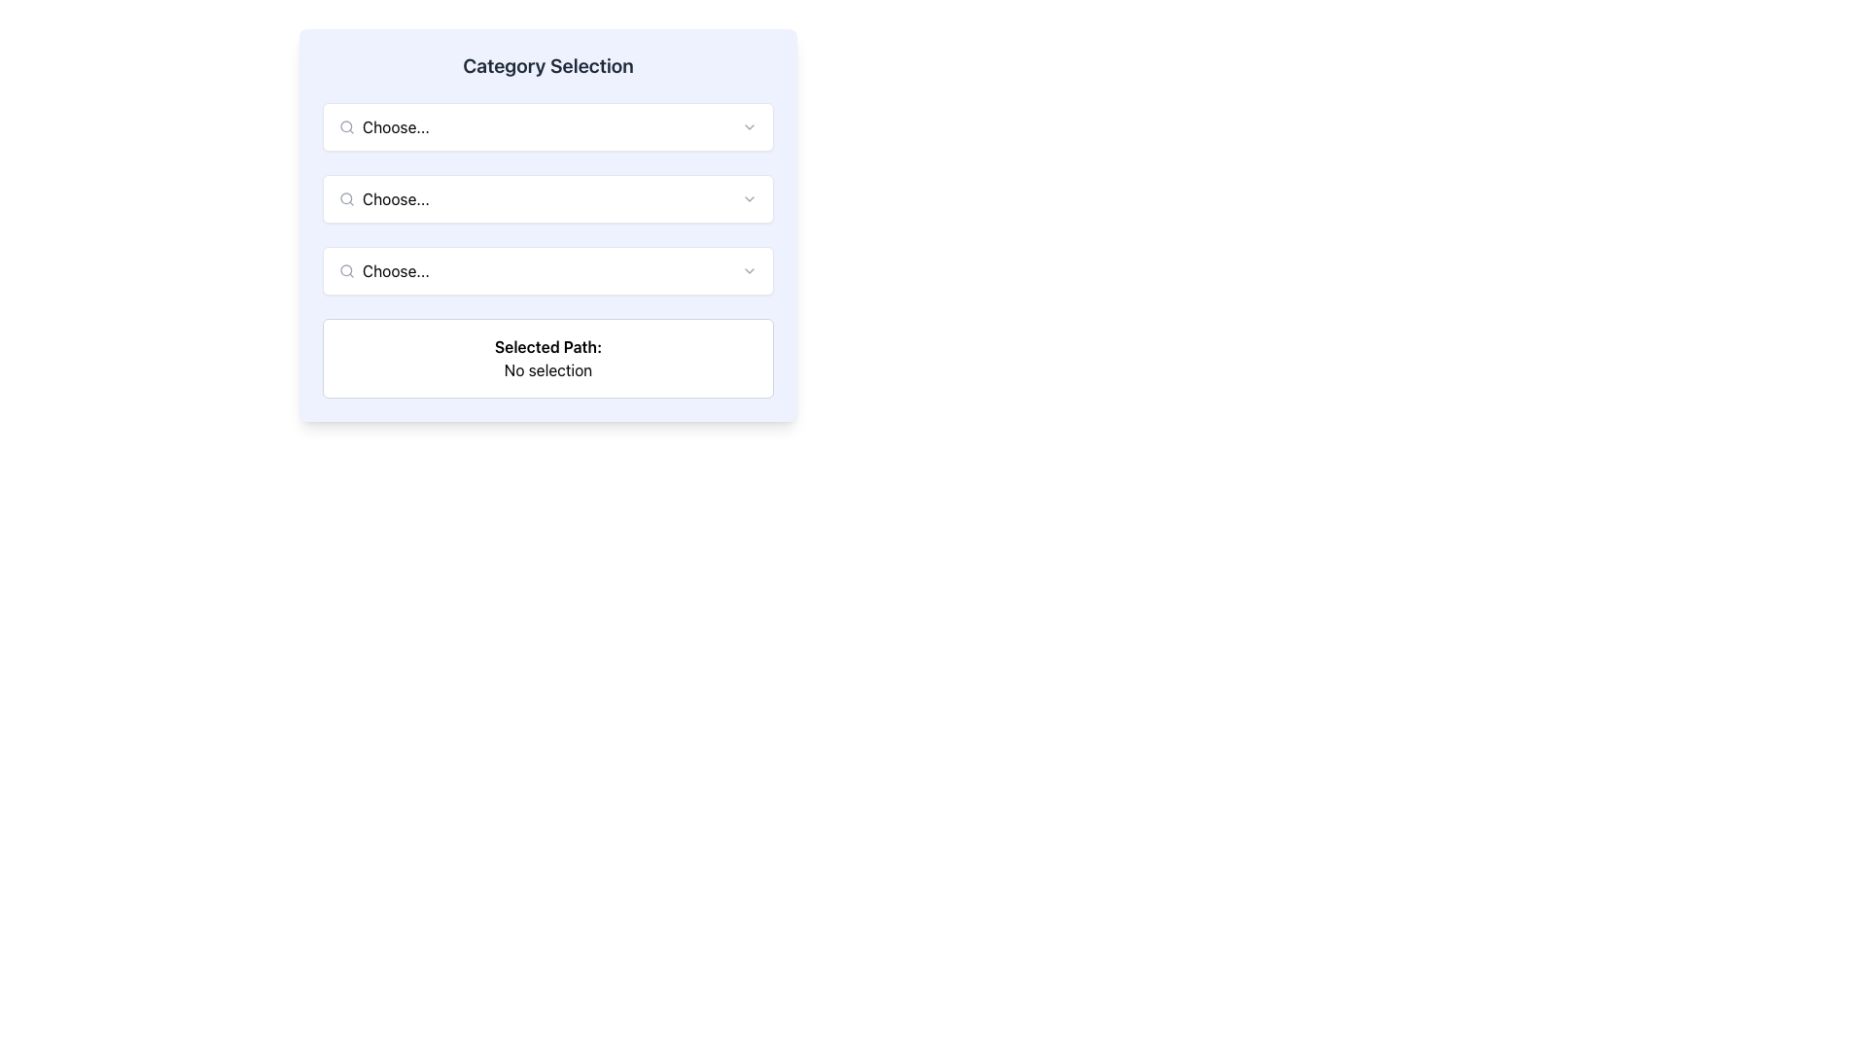 The image size is (1867, 1050). Describe the element at coordinates (346, 198) in the screenshot. I see `the circular component of the search icon located in the 'Category Selection' section, which is represented by a light-gray circle with a radius of 8 units` at that location.